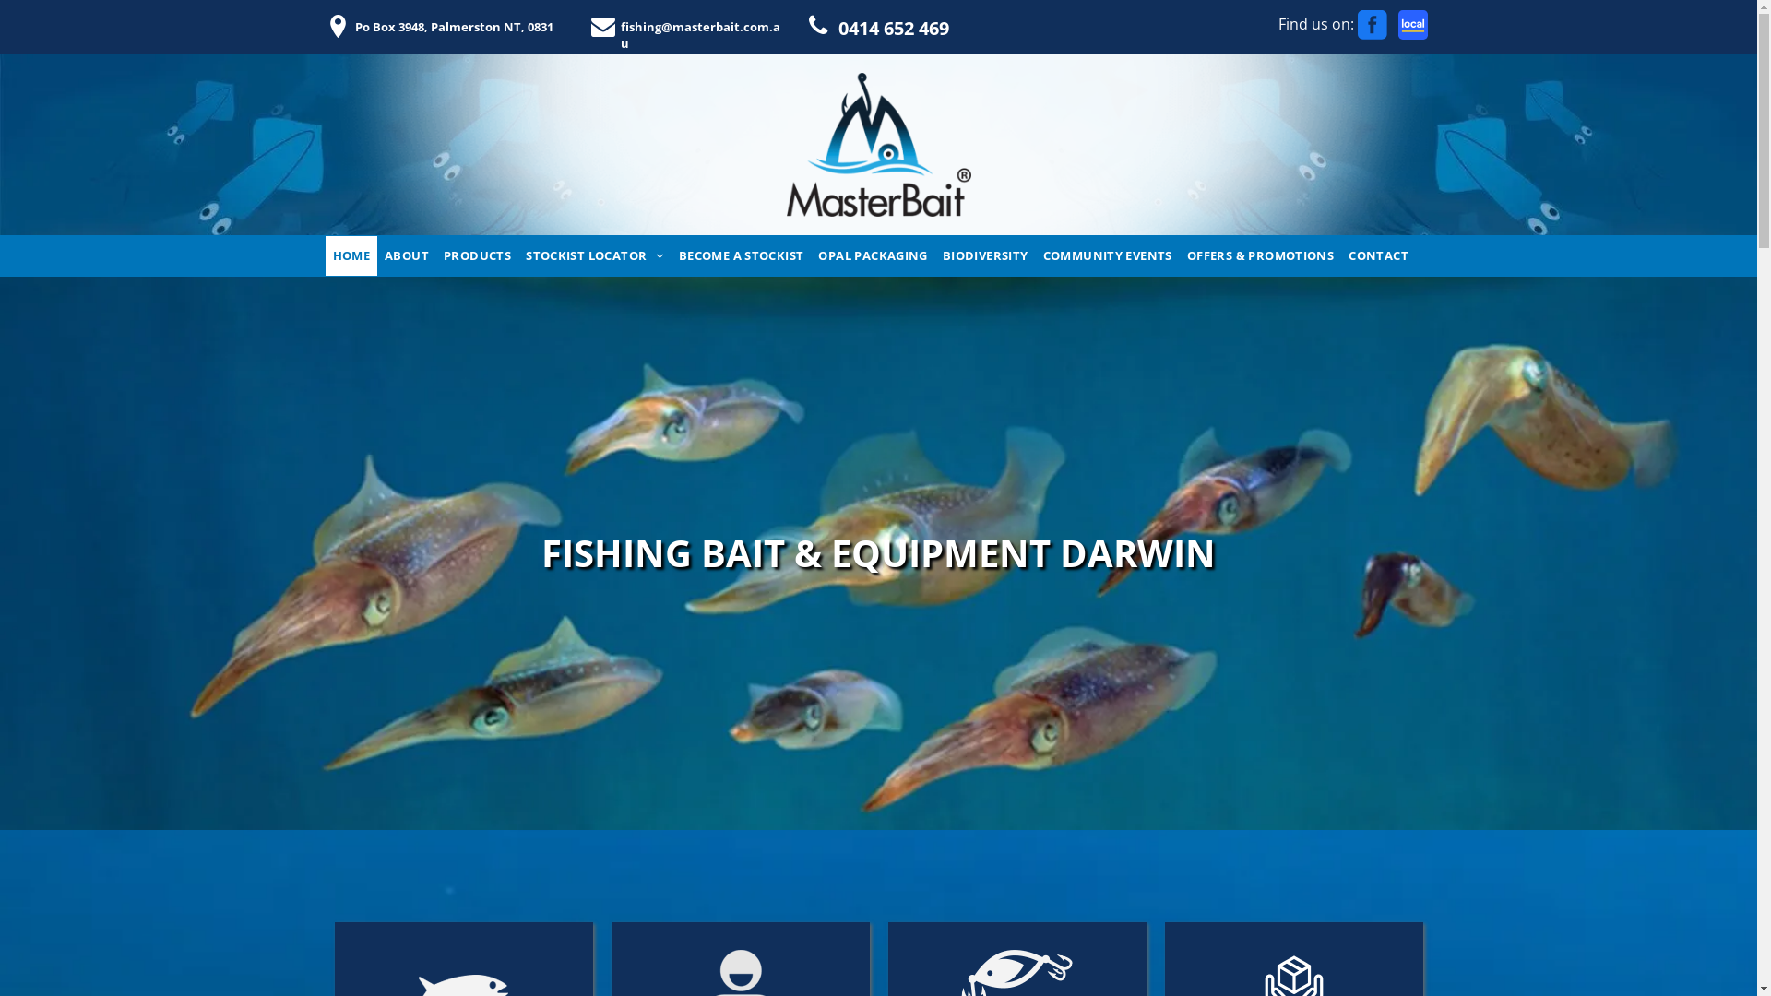  What do you see at coordinates (594, 255) in the screenshot?
I see `'STOCKIST LOCATOR'` at bounding box center [594, 255].